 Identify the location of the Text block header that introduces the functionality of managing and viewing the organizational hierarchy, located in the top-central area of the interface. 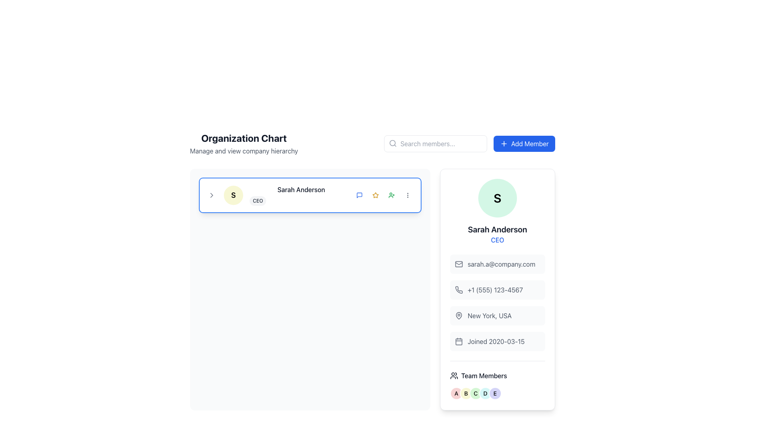
(244, 143).